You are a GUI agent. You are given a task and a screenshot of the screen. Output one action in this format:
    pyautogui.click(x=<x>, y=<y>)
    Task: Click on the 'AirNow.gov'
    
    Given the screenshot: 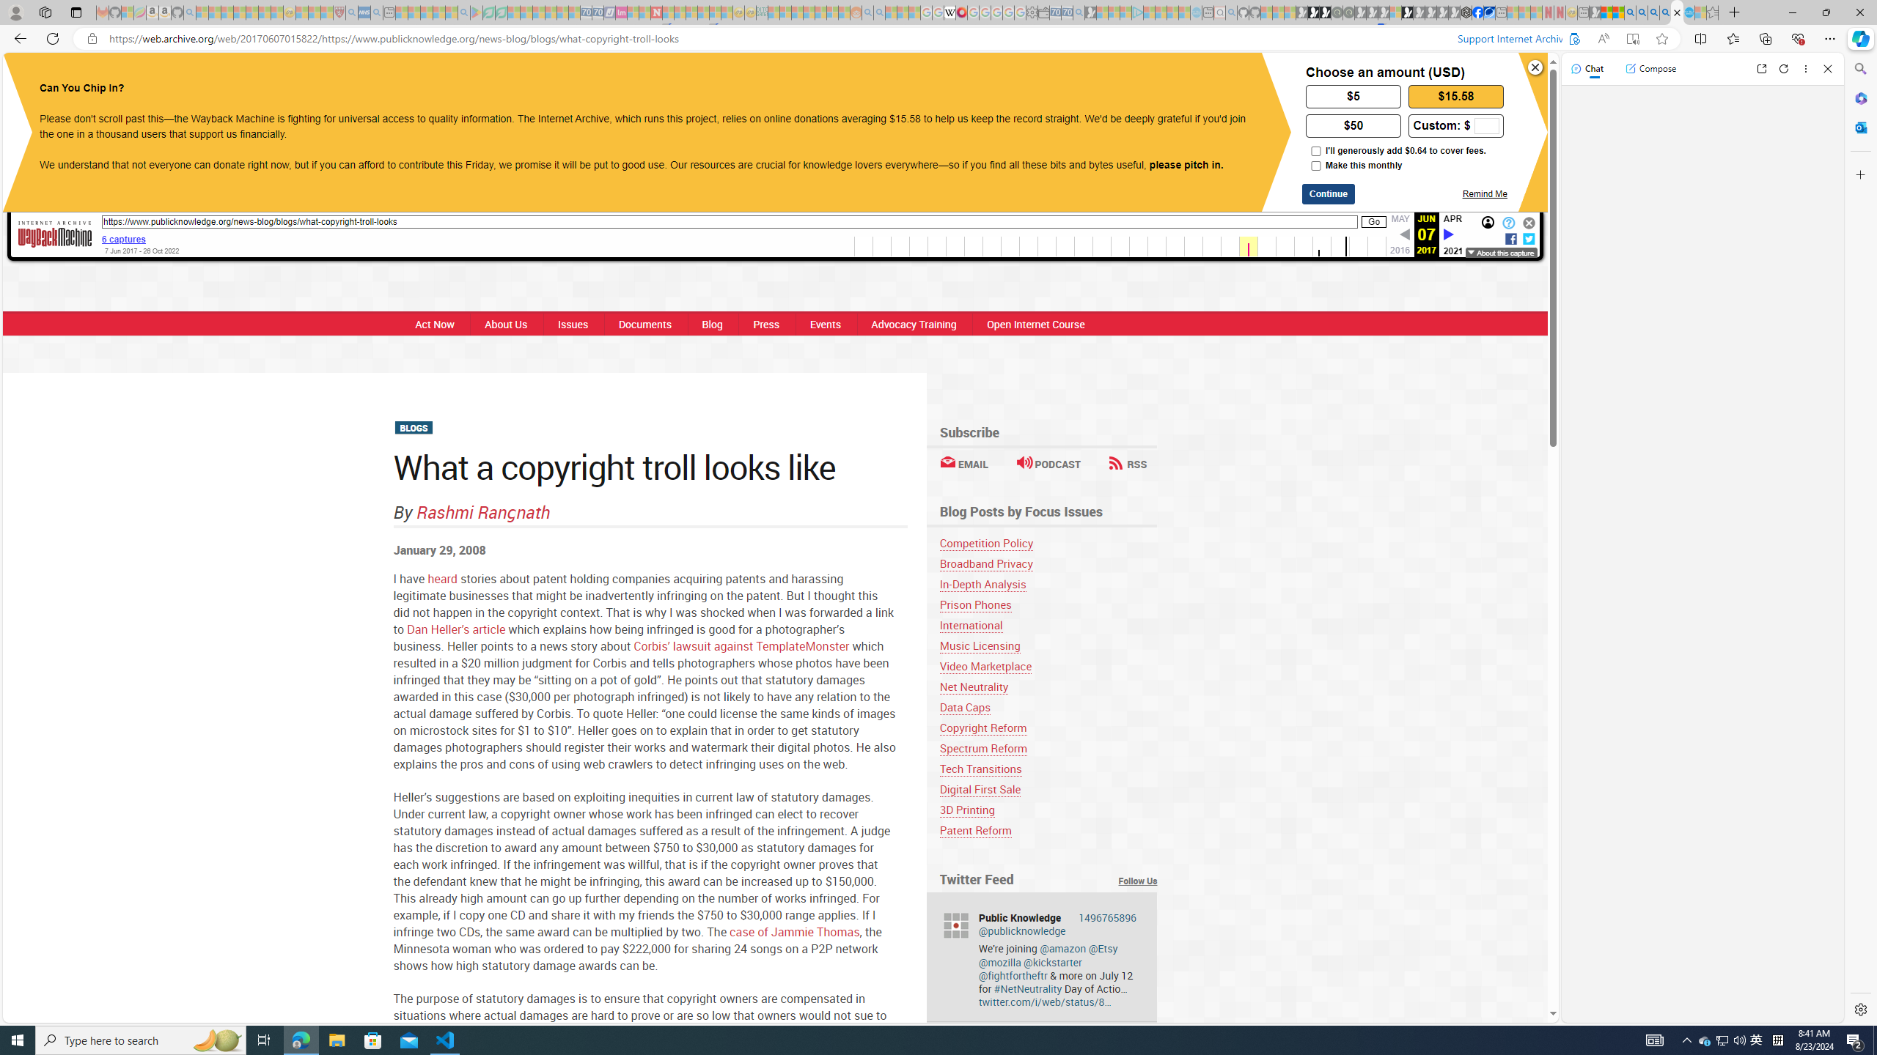 What is the action you would take?
    pyautogui.click(x=1488, y=12)
    